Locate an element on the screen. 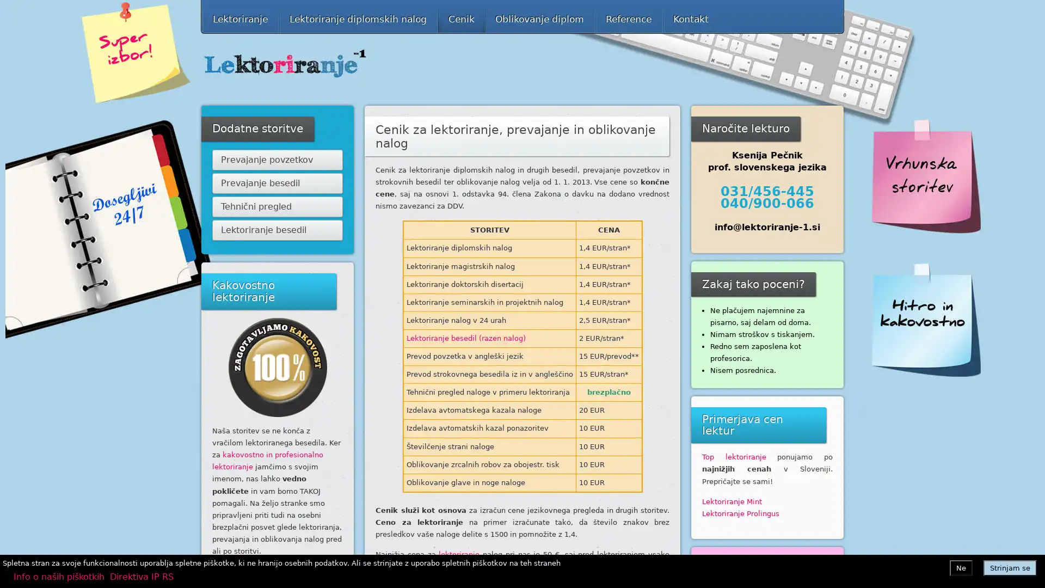 This screenshot has width=1045, height=588. Strinjam se is located at coordinates (1010, 567).